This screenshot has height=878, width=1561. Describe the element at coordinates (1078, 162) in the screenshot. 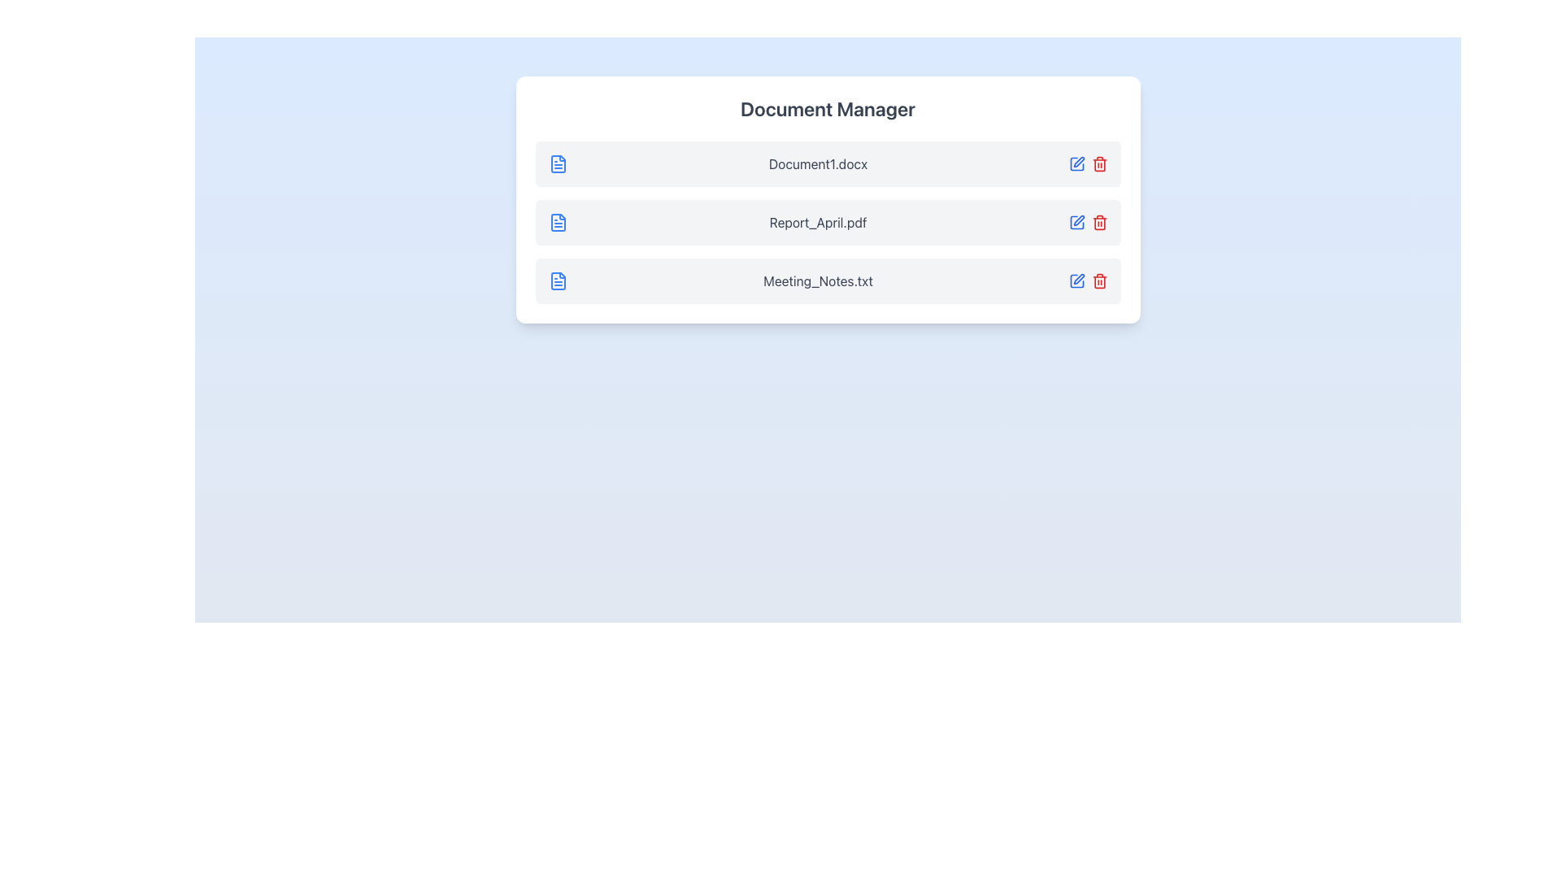

I see `the edit button located to the right of the file entry 'Document1.docx' to initiate the edit action` at that location.